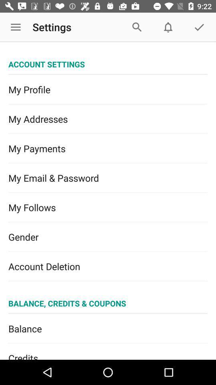  Describe the element at coordinates (108, 119) in the screenshot. I see `the icon above my payments item` at that location.